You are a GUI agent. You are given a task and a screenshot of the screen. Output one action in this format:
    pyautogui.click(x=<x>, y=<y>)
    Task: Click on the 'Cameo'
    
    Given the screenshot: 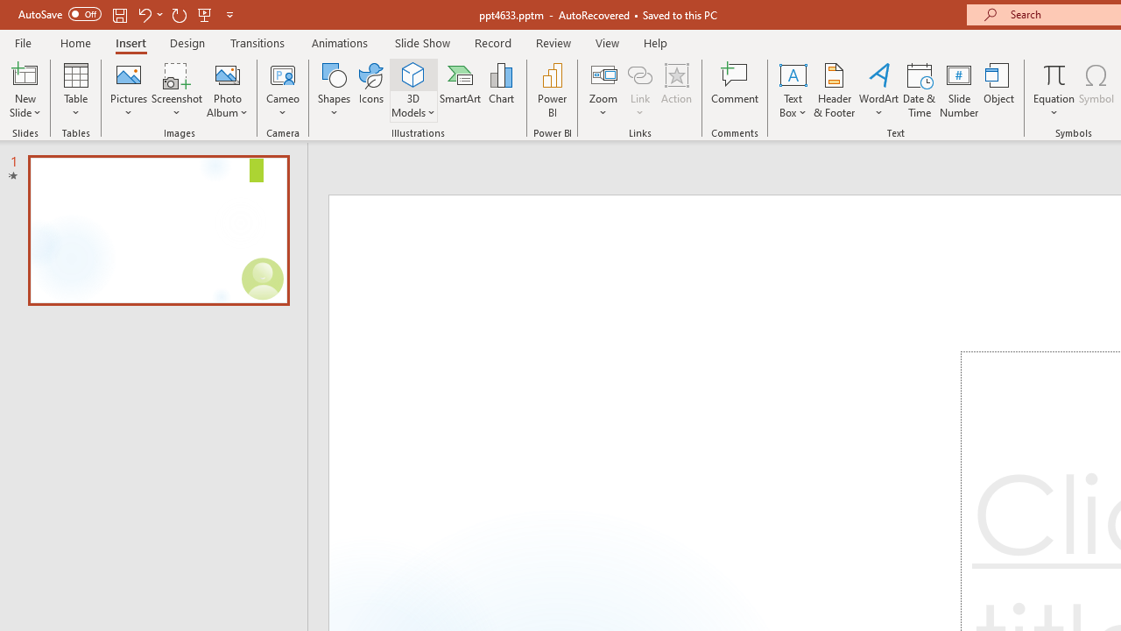 What is the action you would take?
    pyautogui.click(x=283, y=74)
    